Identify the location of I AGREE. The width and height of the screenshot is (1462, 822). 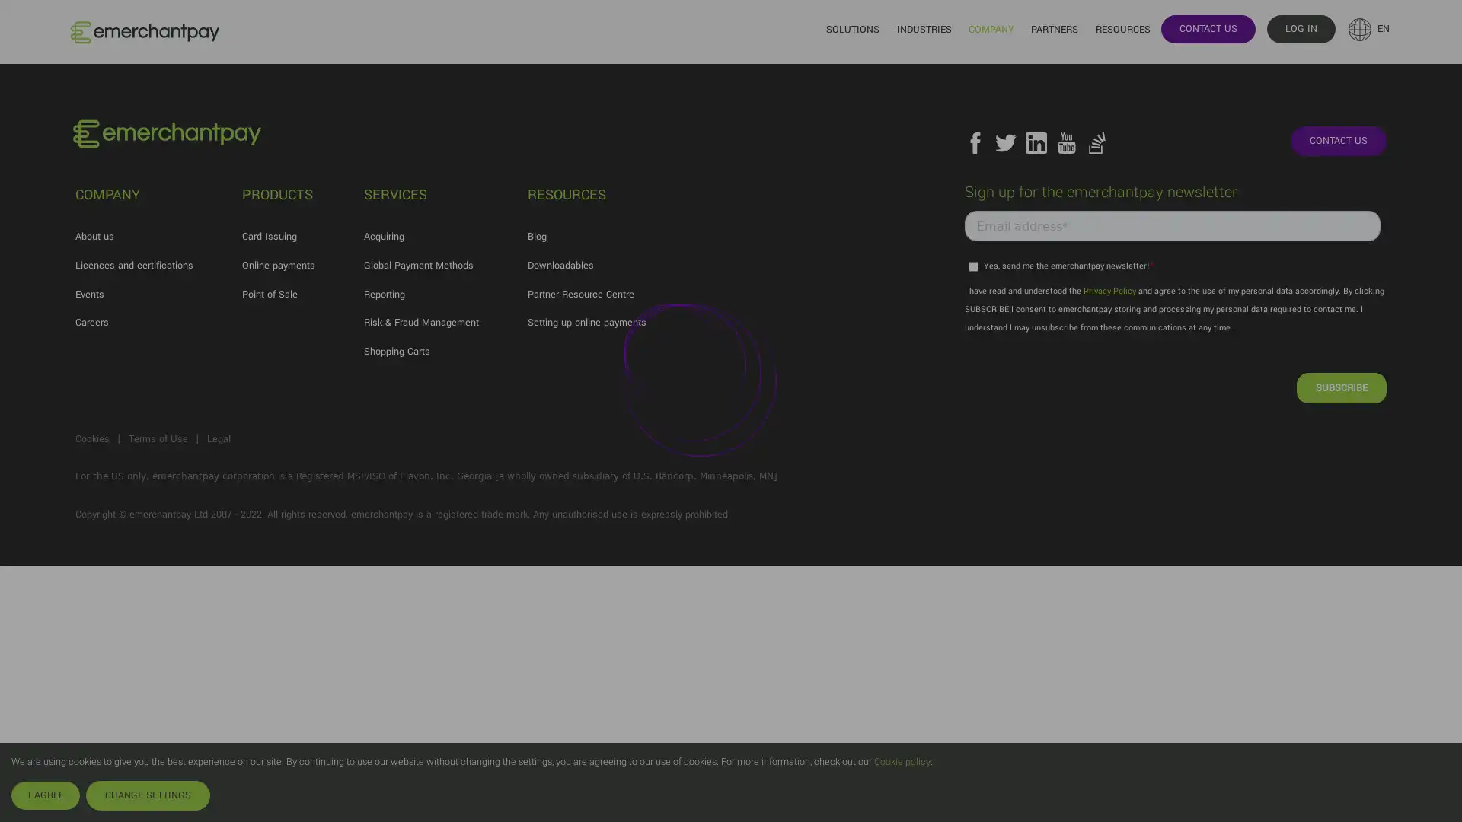
(45, 795).